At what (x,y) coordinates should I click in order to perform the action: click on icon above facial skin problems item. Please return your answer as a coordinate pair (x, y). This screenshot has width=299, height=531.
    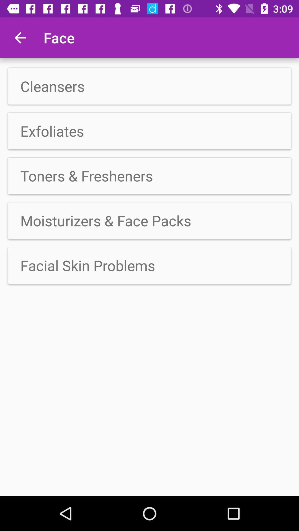
    Looking at the image, I should click on (149, 220).